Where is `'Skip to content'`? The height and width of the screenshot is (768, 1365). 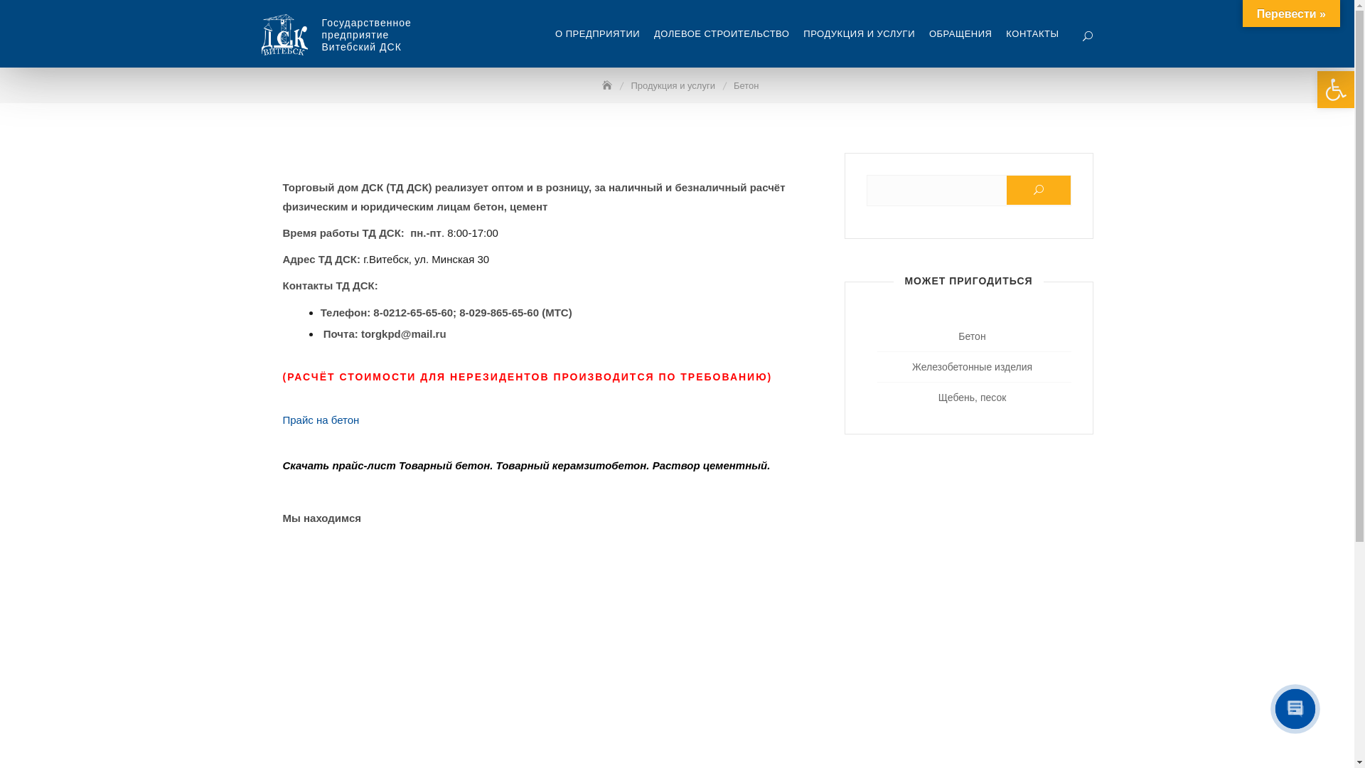
'Skip to content' is located at coordinates (0, 0).